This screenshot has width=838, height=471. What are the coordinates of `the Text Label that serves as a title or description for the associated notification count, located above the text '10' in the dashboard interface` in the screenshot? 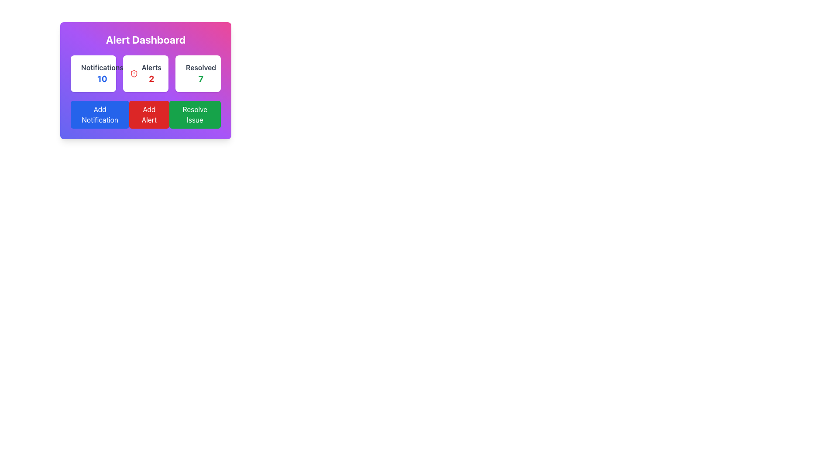 It's located at (102, 67).